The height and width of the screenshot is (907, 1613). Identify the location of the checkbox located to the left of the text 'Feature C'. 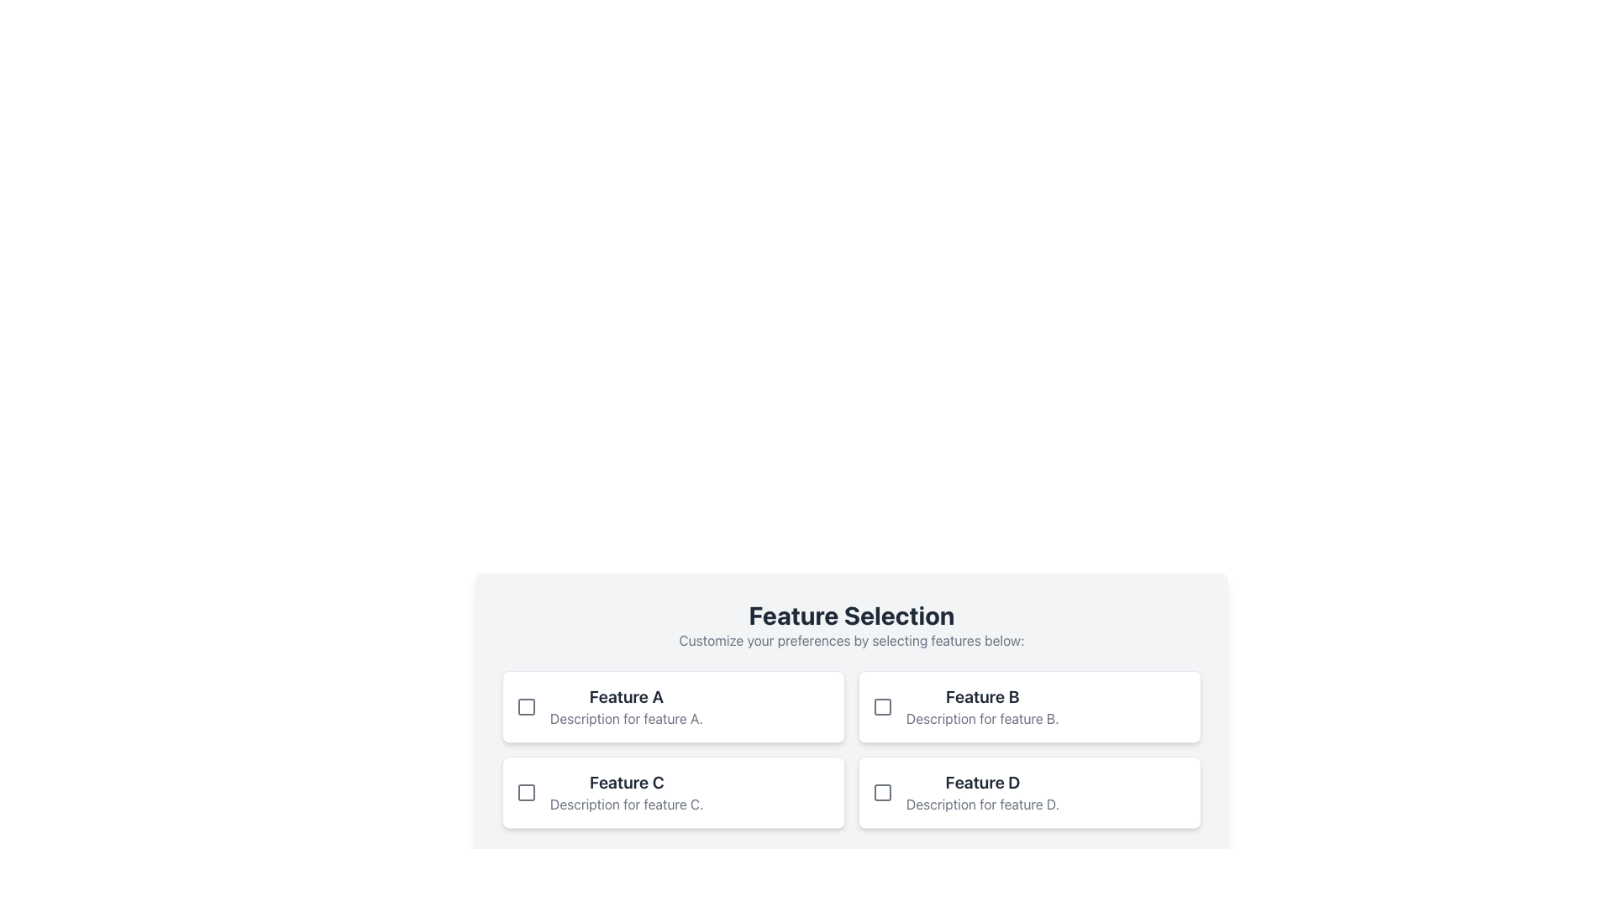
(526, 793).